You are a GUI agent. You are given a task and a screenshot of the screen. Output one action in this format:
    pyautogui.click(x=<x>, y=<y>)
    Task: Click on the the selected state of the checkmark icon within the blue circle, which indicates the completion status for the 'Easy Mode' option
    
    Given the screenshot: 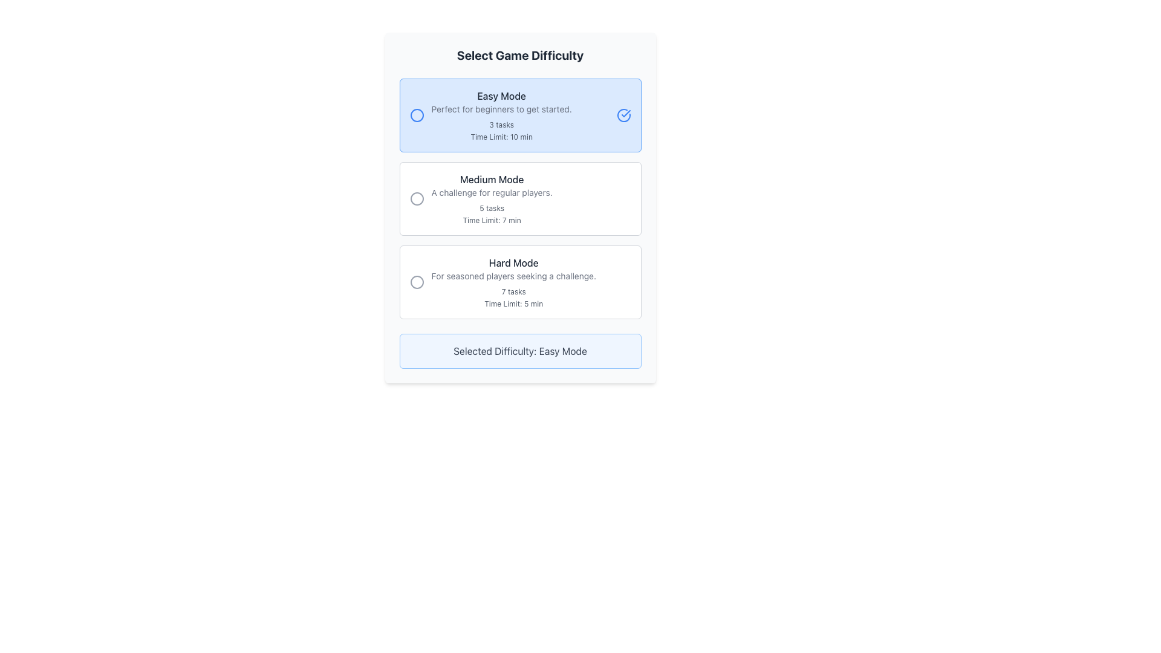 What is the action you would take?
    pyautogui.click(x=626, y=114)
    